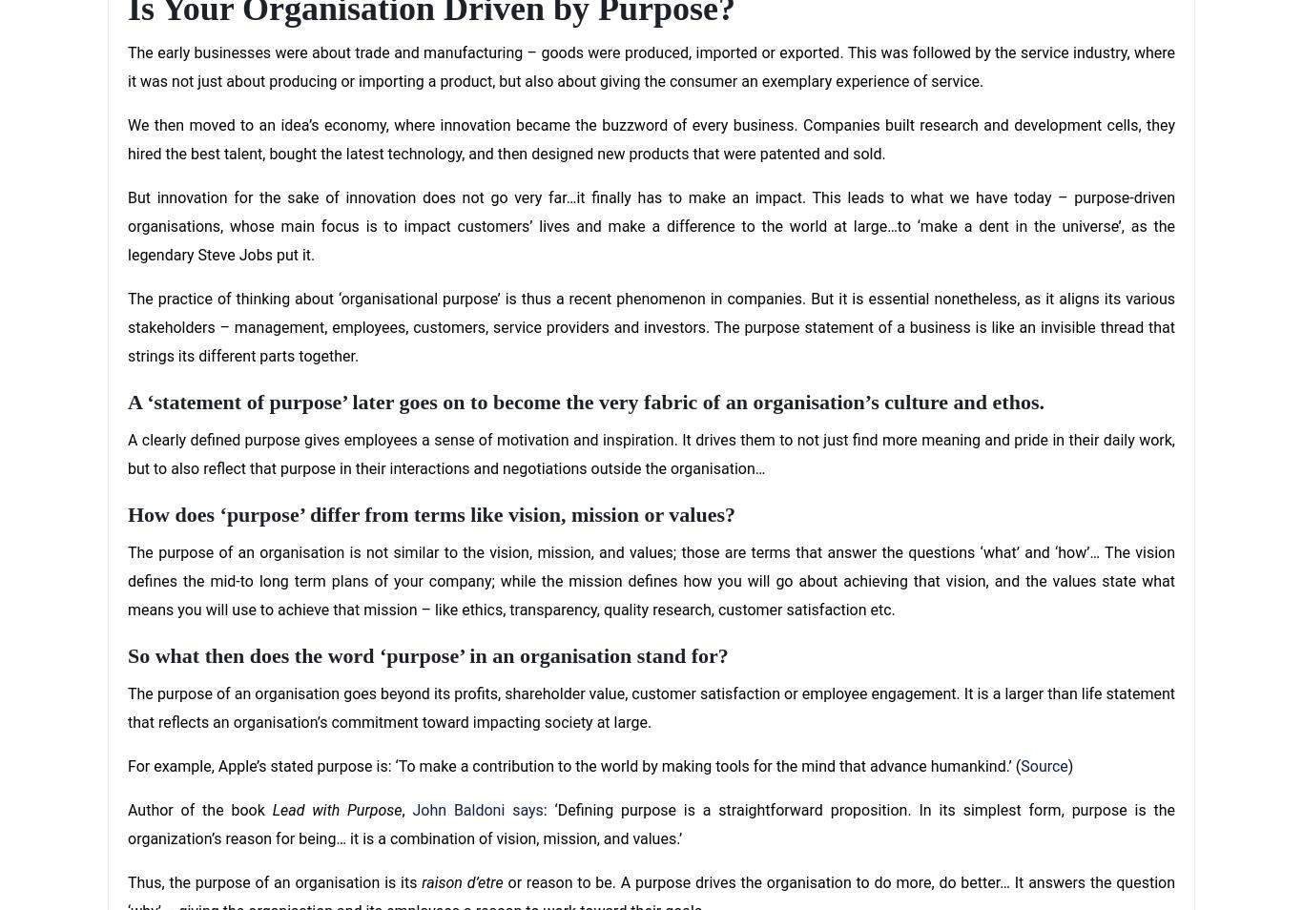 The height and width of the screenshot is (910, 1303). Describe the element at coordinates (335, 809) in the screenshot. I see `'Lead with Purpose'` at that location.